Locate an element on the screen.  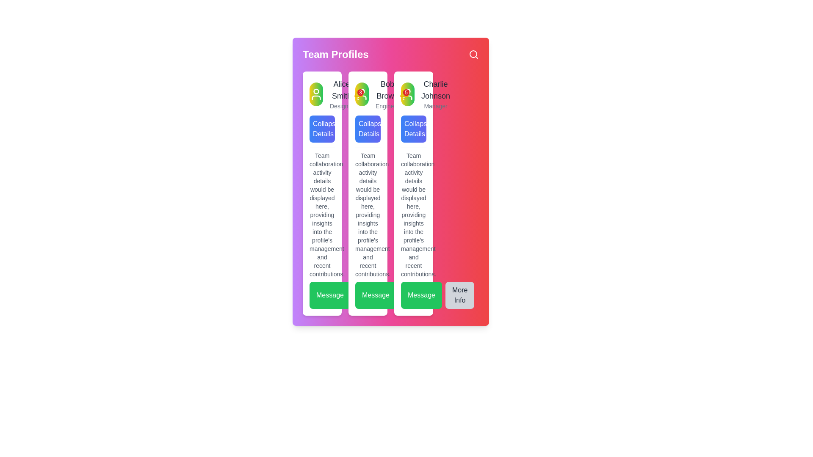
text label displaying 'Designer' located below the name 'Alice Smith' in the profile card is located at coordinates (341, 105).